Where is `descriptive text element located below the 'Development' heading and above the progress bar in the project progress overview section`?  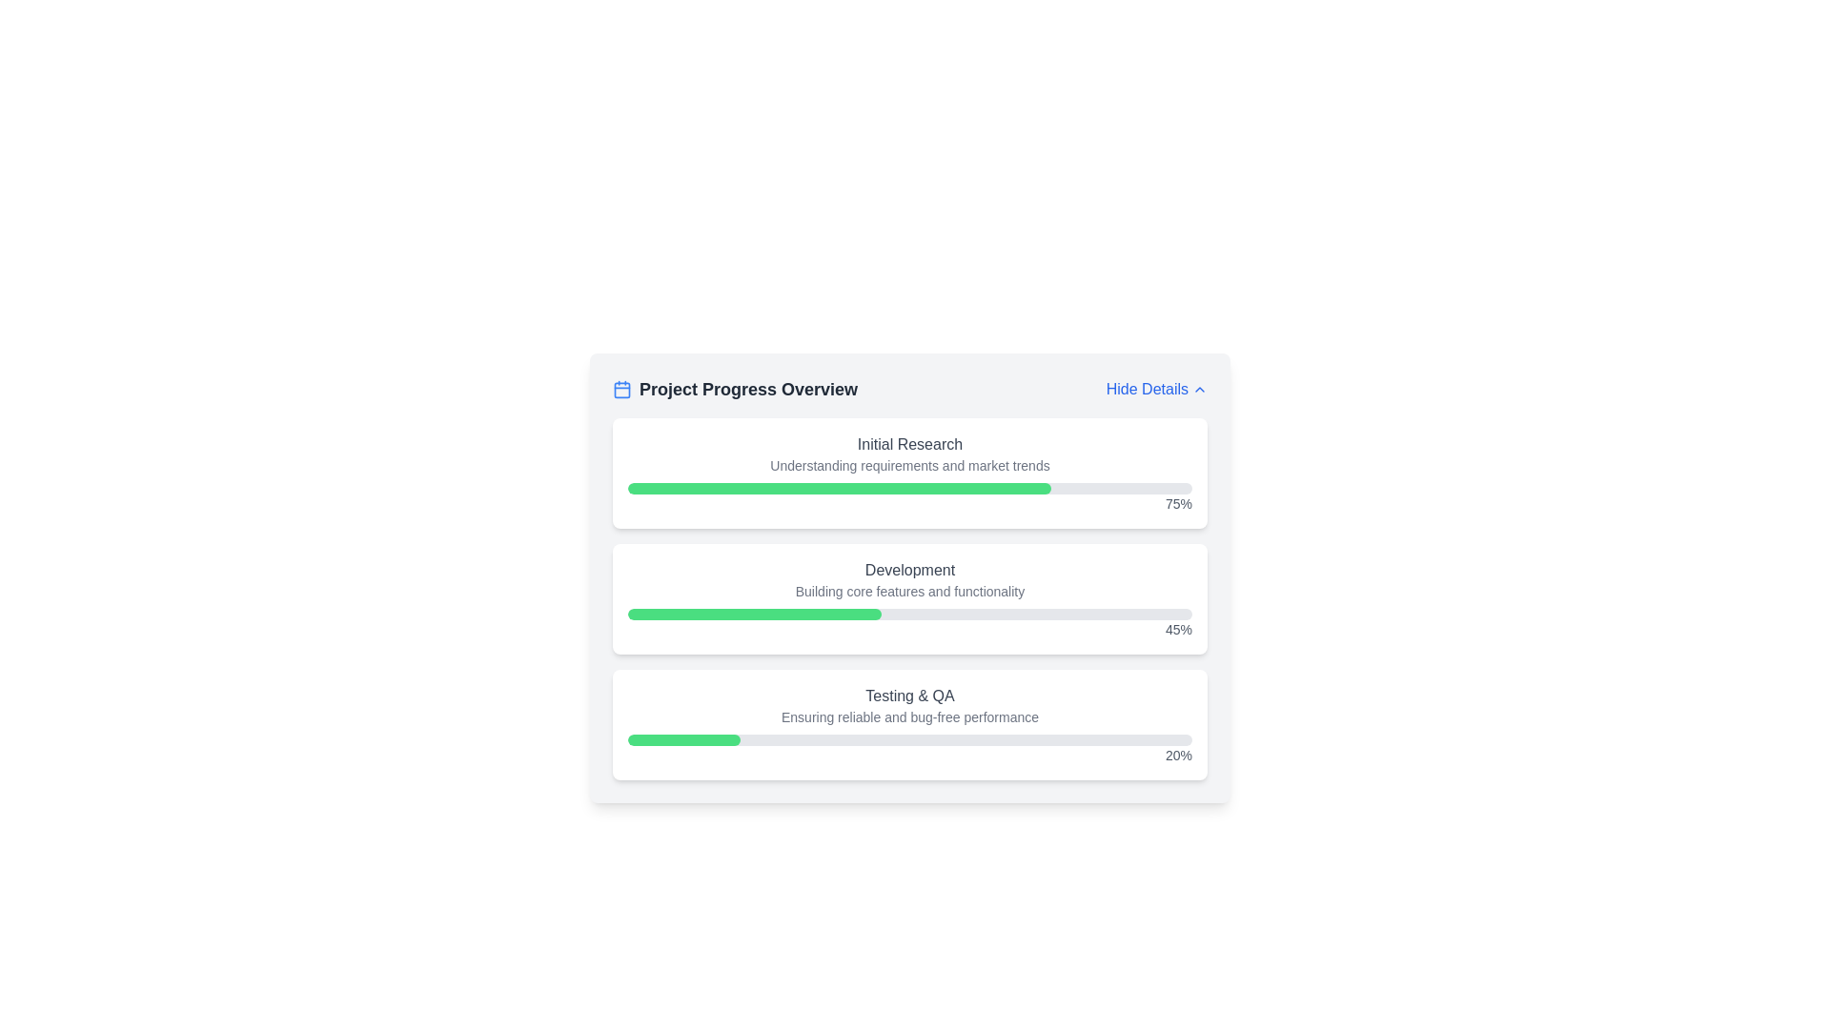 descriptive text element located below the 'Development' heading and above the progress bar in the project progress overview section is located at coordinates (909, 591).